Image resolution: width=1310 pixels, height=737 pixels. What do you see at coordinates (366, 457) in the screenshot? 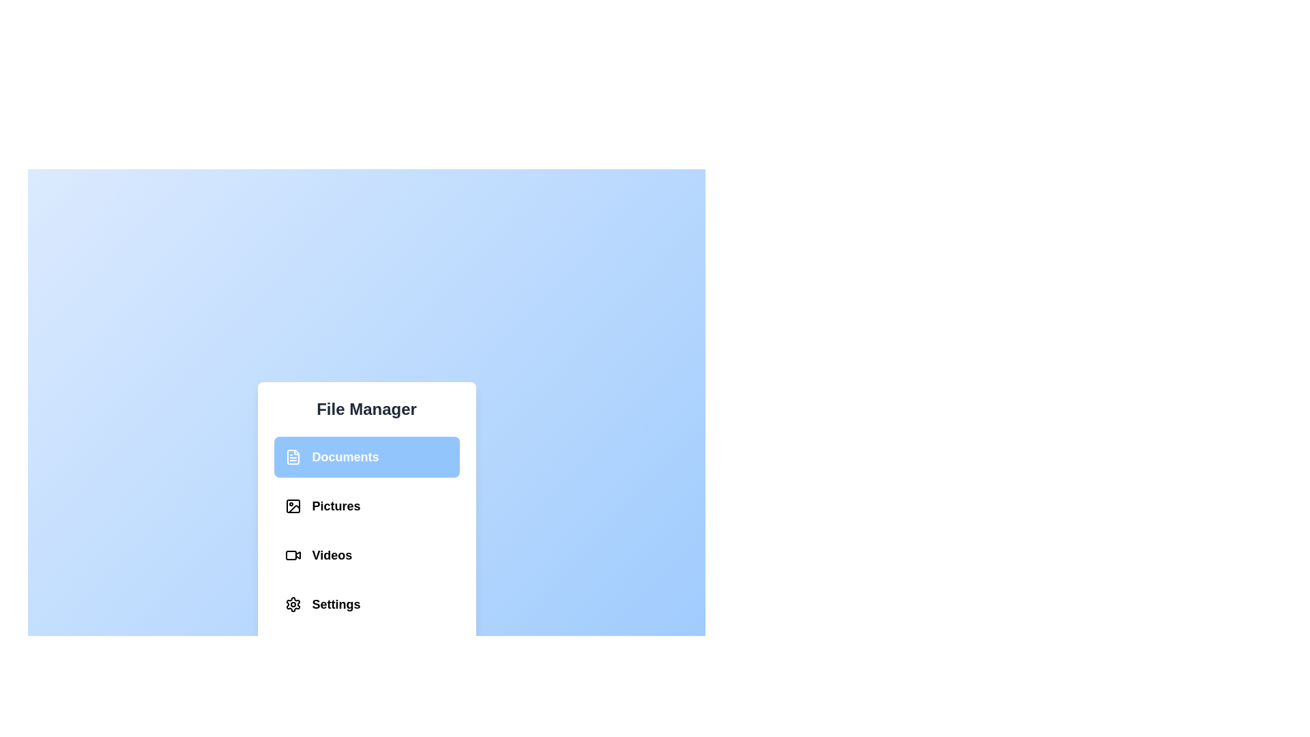
I see `the menu item labeled Documents` at bounding box center [366, 457].